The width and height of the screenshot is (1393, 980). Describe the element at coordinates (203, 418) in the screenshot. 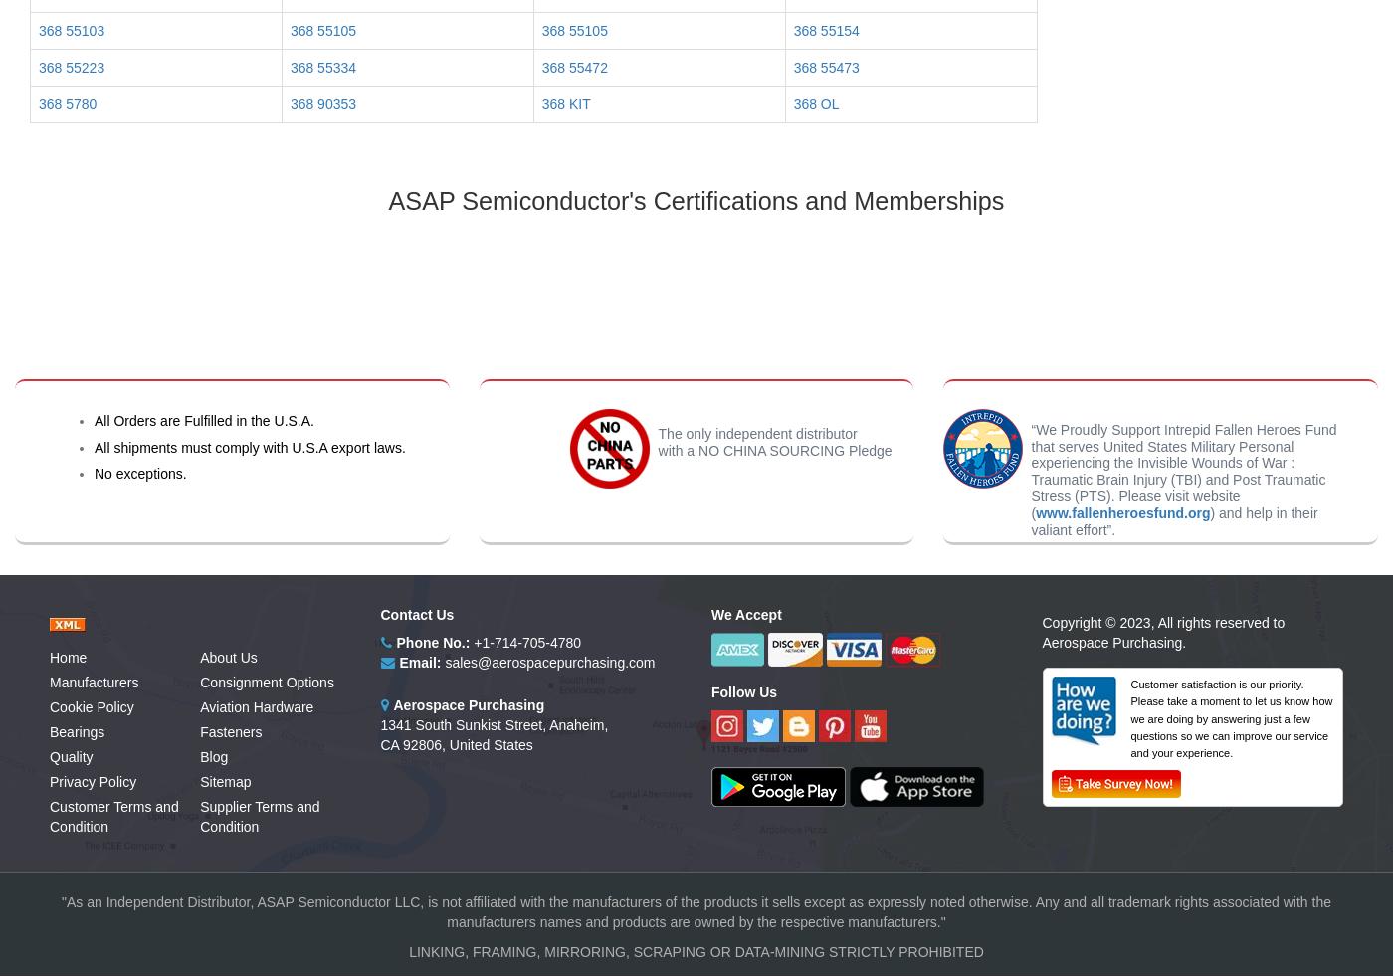

I see `'All Orders are Fulfilled in the U.S.A.'` at that location.